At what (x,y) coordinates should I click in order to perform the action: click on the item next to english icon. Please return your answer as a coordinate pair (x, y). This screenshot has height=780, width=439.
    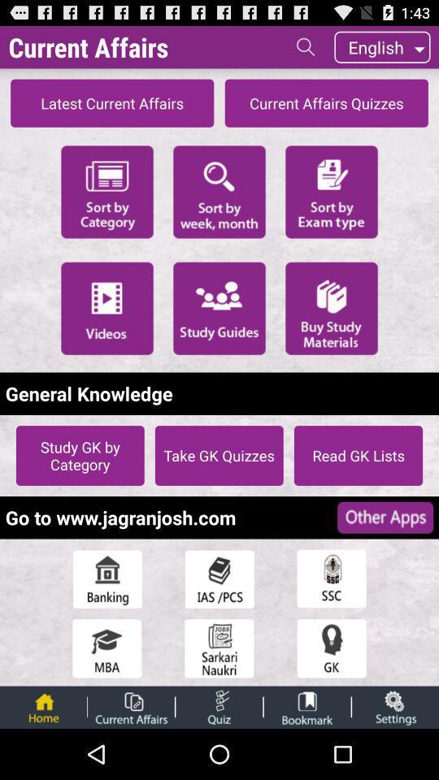
    Looking at the image, I should click on (306, 45).